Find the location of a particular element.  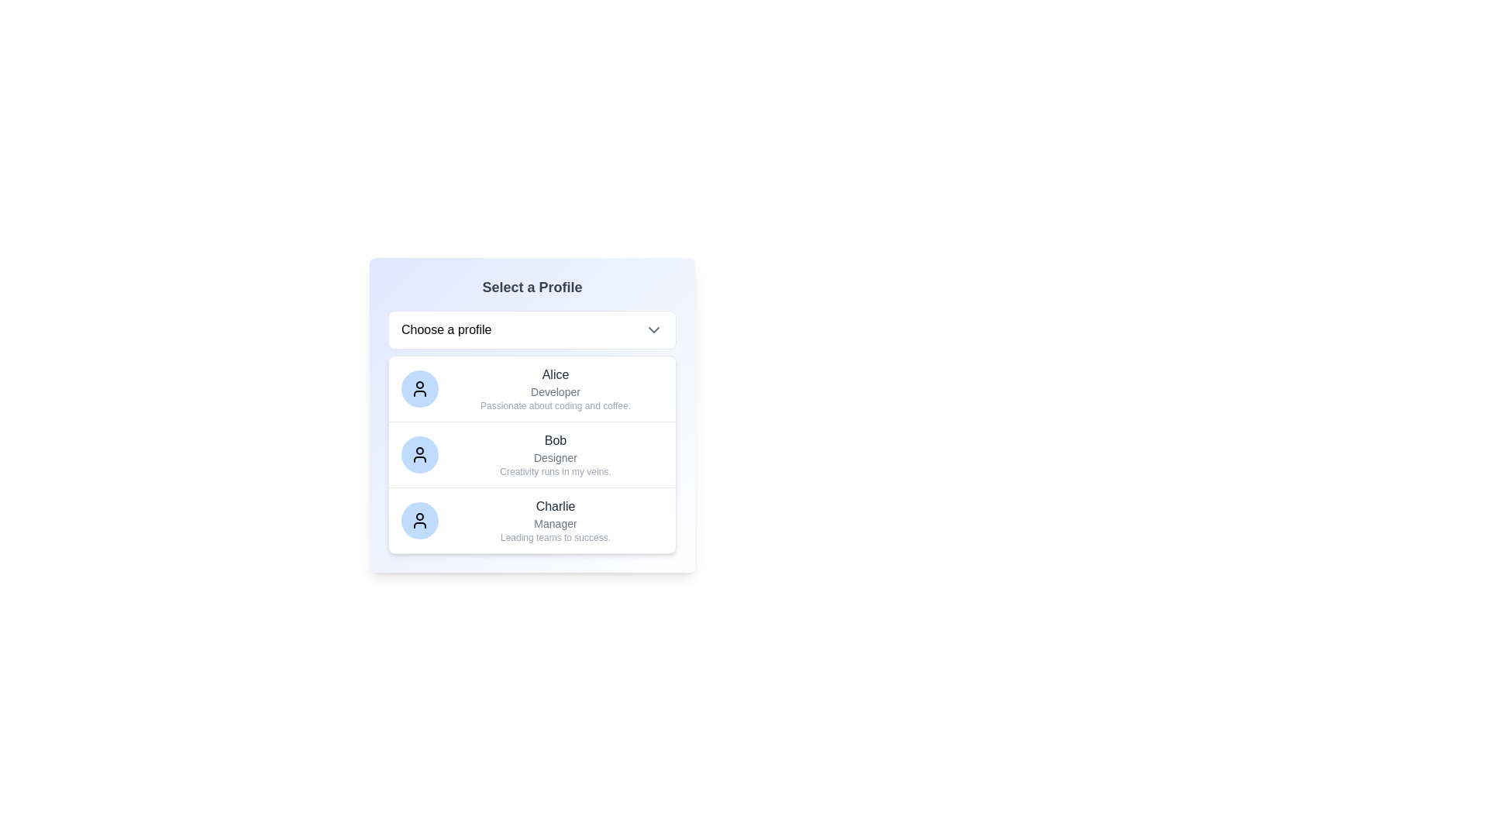

the dropdown menu labeled 'Choose a profile' is located at coordinates (532, 329).